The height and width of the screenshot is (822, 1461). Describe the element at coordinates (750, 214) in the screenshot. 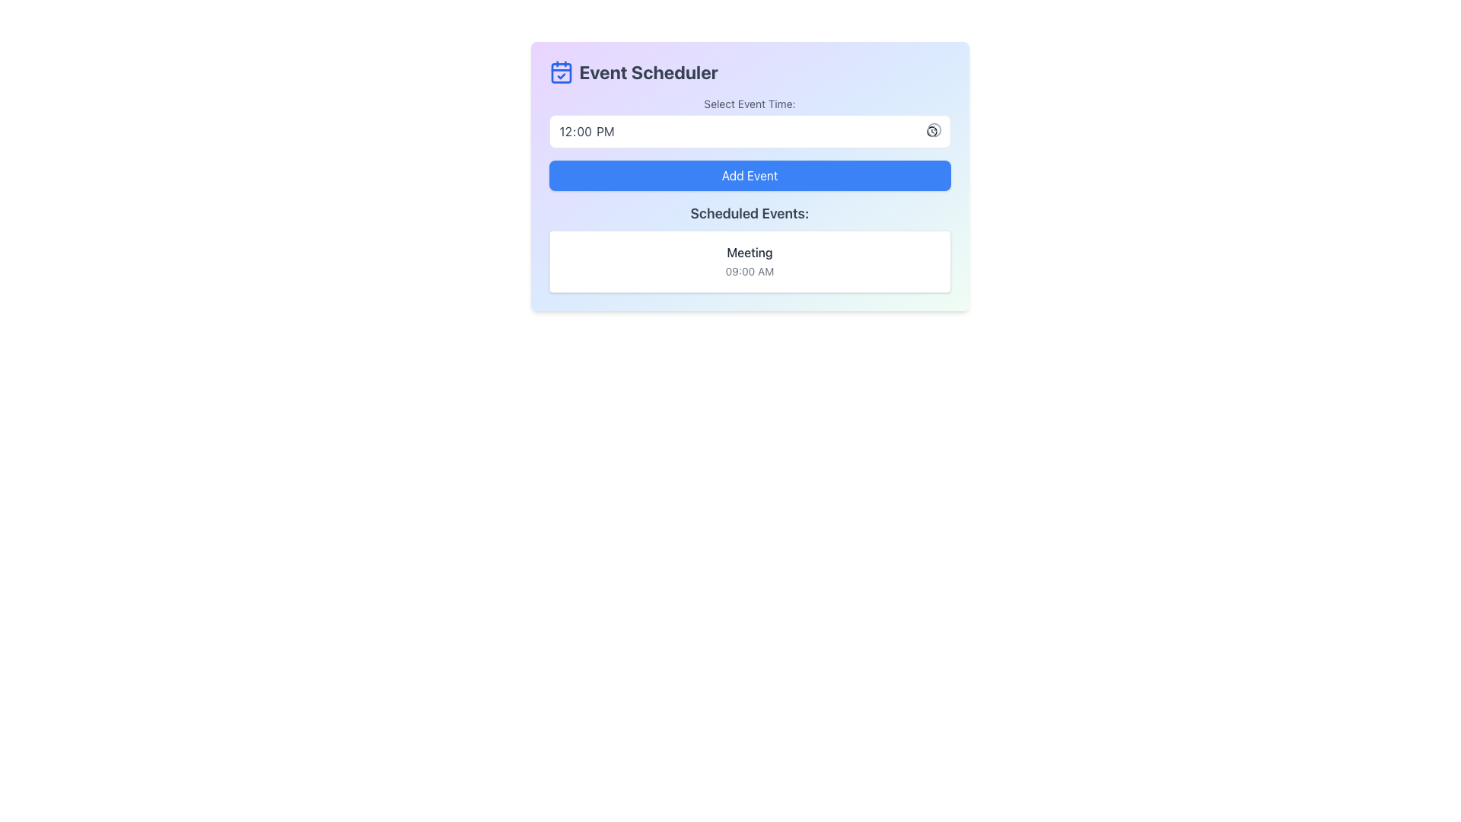

I see `text from the bold, gray-colored label that says 'Scheduled Events:' positioned below the 'Add Event' button and above the 'Meeting' entry` at that location.